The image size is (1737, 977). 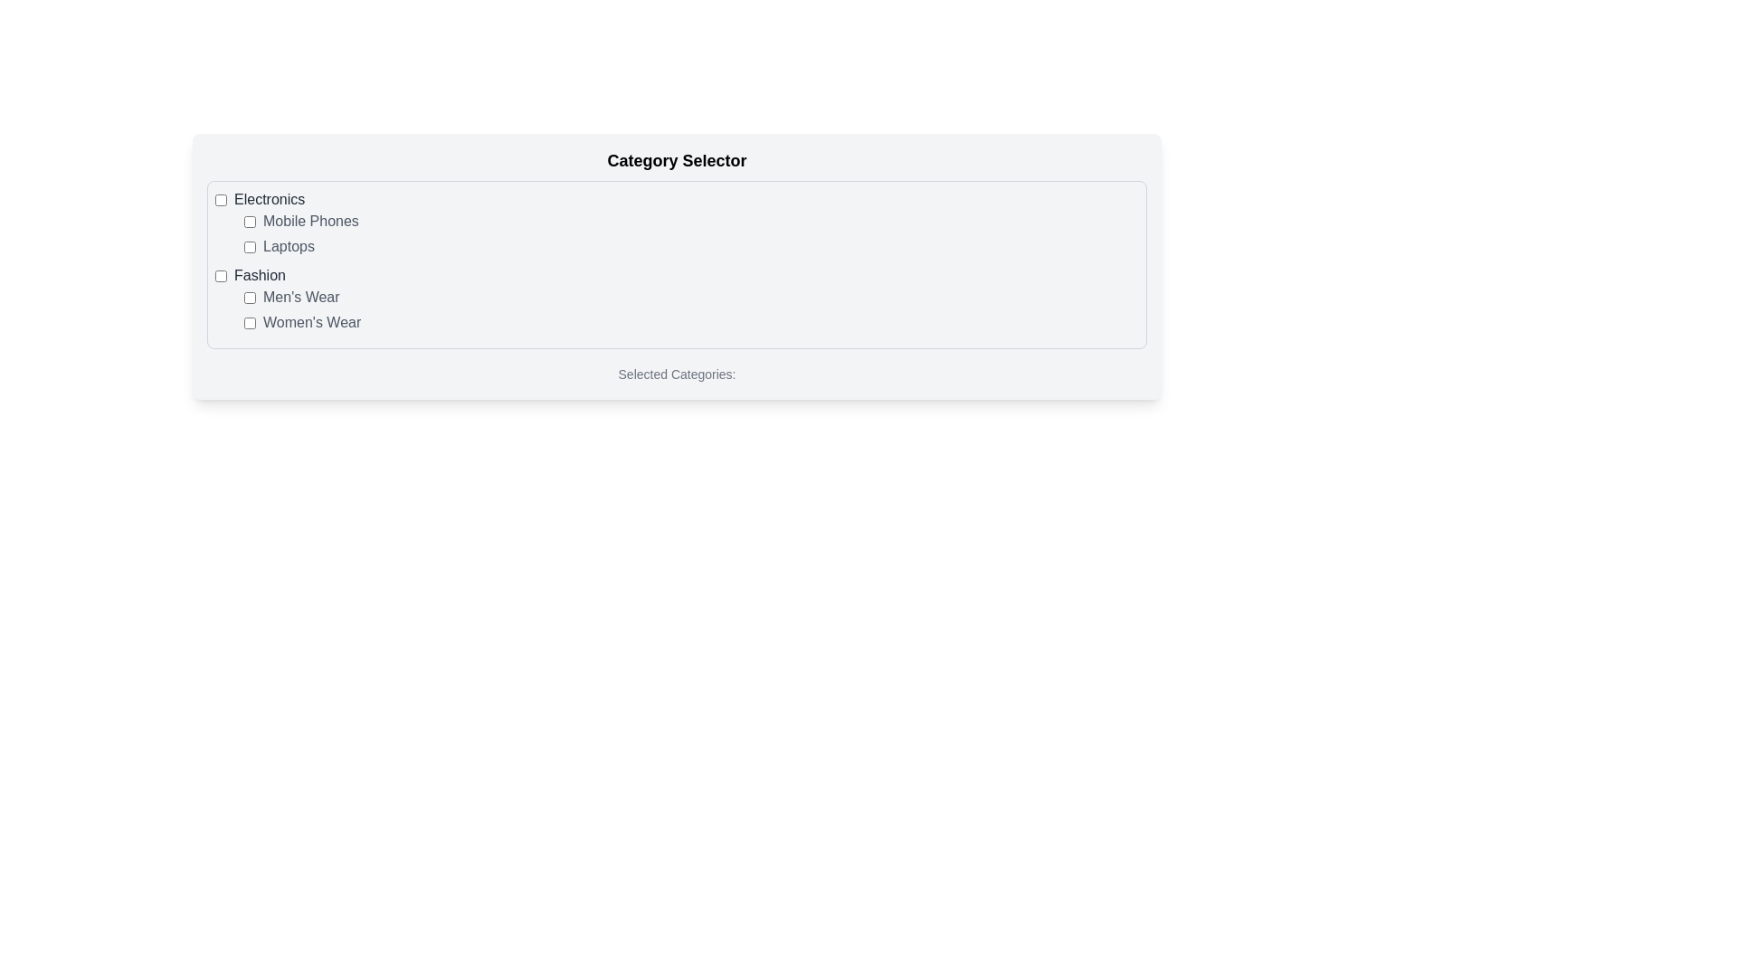 I want to click on the checkbox located to the left of the 'Electronics' label in the 'Category Selector' panel, so click(x=220, y=199).